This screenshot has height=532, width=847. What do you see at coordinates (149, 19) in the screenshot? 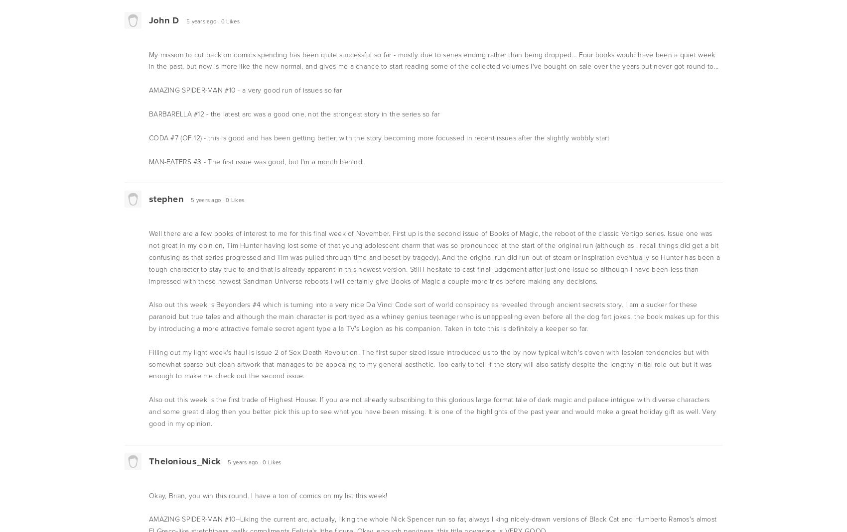
I see `'John D'` at bounding box center [149, 19].